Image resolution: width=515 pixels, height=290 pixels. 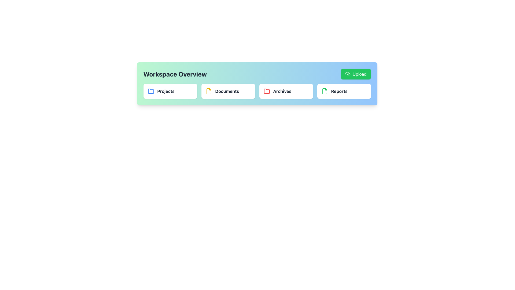 What do you see at coordinates (324, 91) in the screenshot?
I see `green document file icon located between the 'Archives' category and the 'Upload' button in the workspace overview` at bounding box center [324, 91].